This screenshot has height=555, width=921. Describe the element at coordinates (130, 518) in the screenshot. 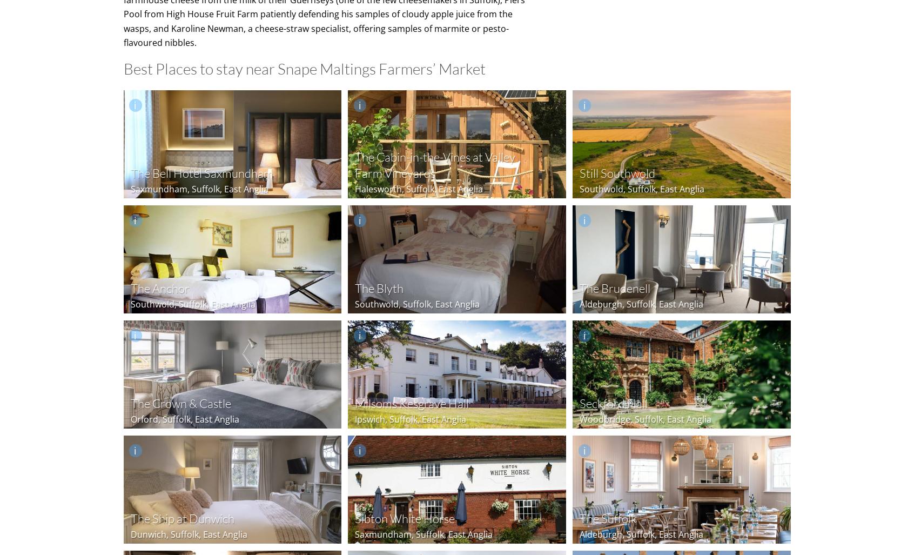

I see `'The Ship at Dunwich'` at that location.